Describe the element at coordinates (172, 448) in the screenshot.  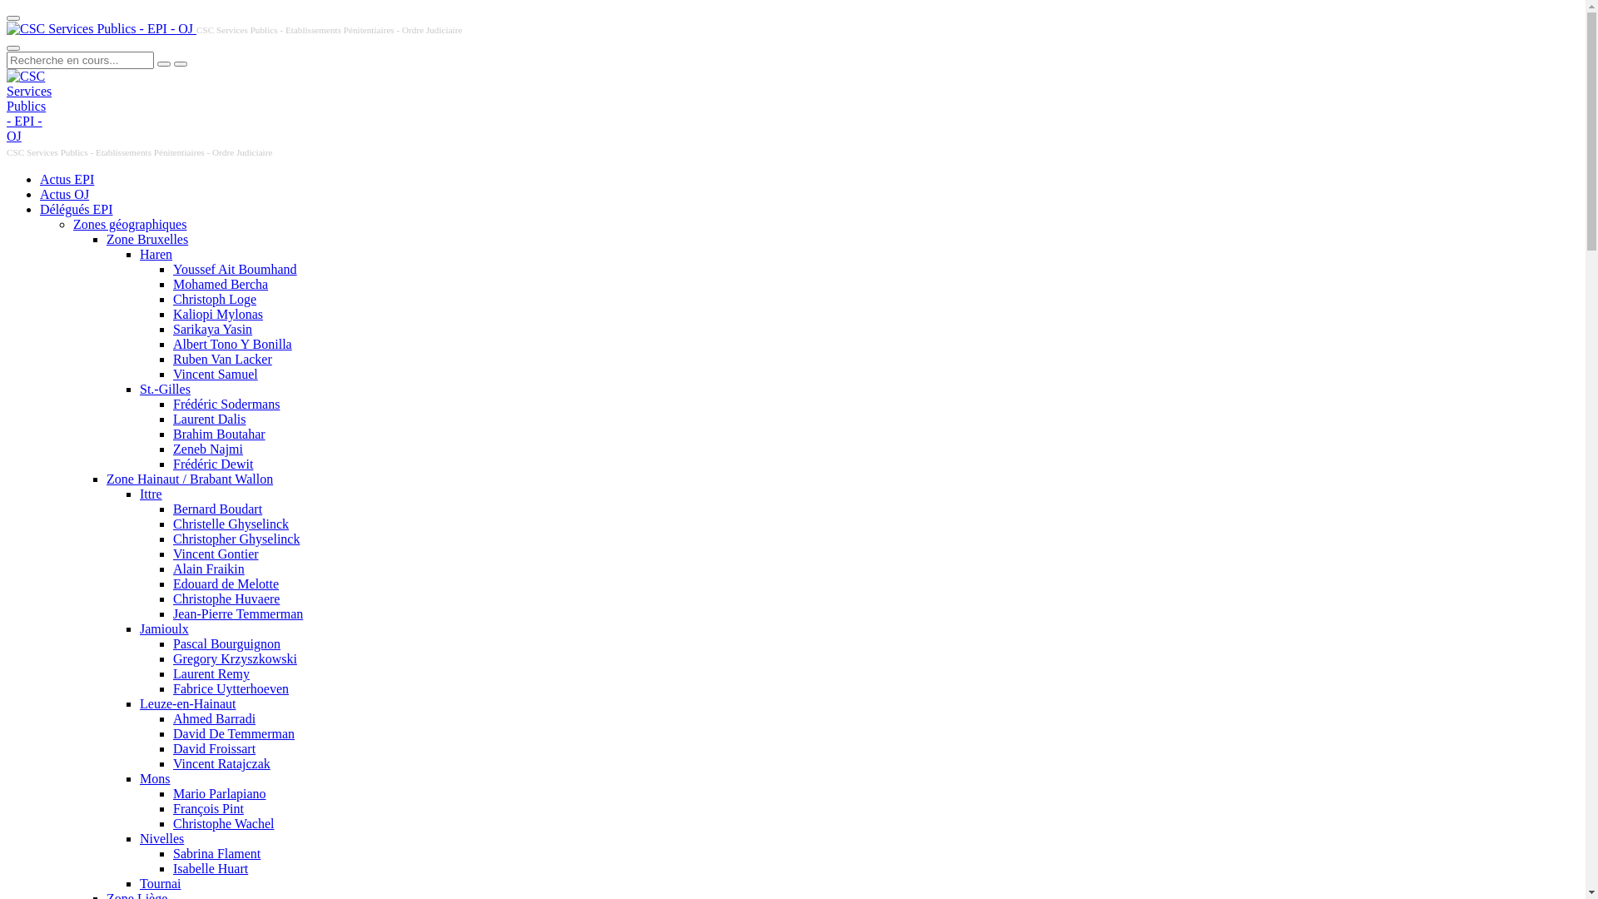
I see `'Zeneb Najmi'` at that location.